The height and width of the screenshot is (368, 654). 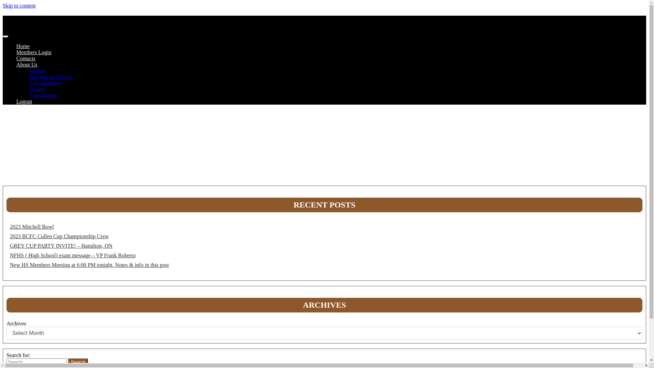 What do you see at coordinates (16, 64) in the screenshot?
I see `'About Us'` at bounding box center [16, 64].